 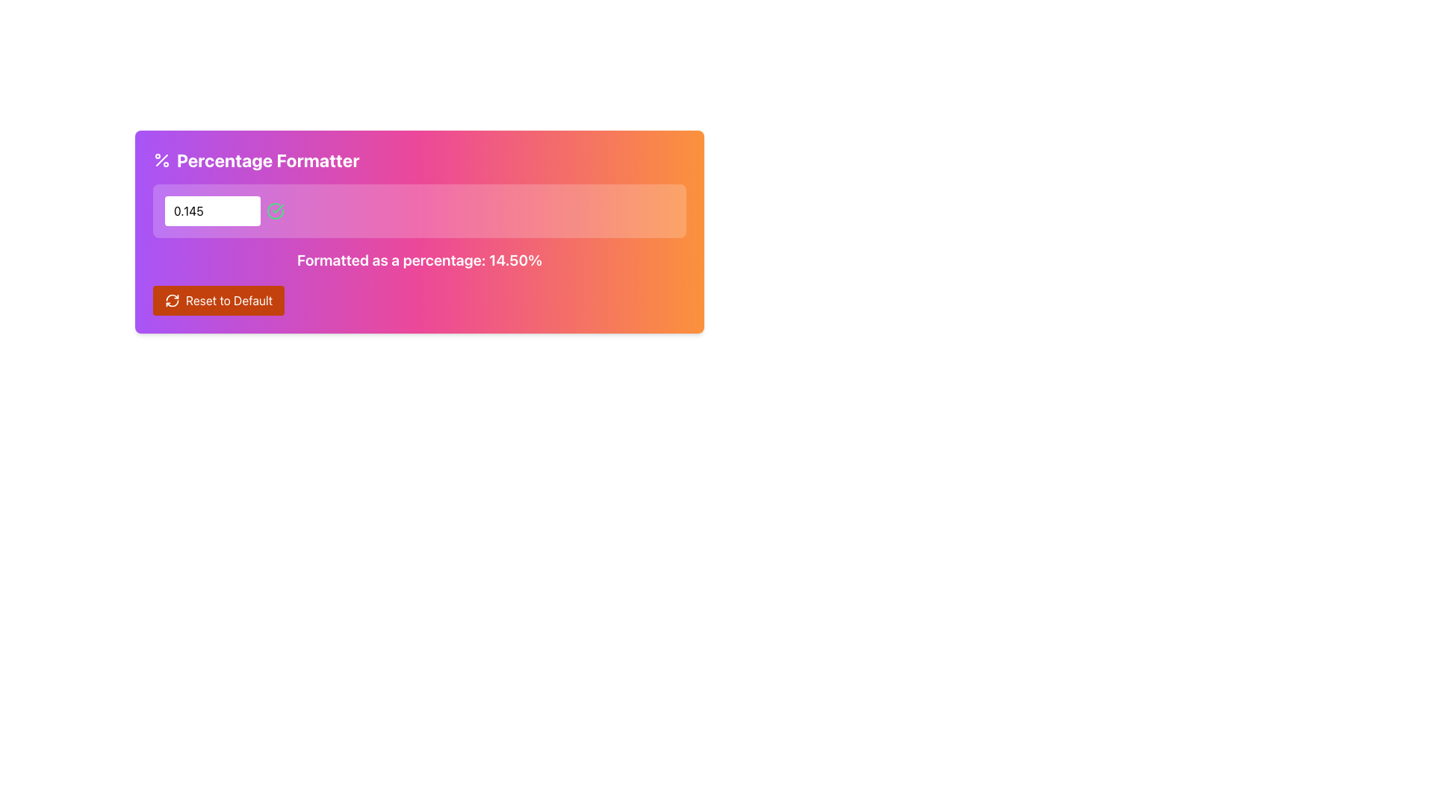 I want to click on validation icon that signifies successful completion, located to the right of the input field within a gradient panel, so click(x=276, y=210).